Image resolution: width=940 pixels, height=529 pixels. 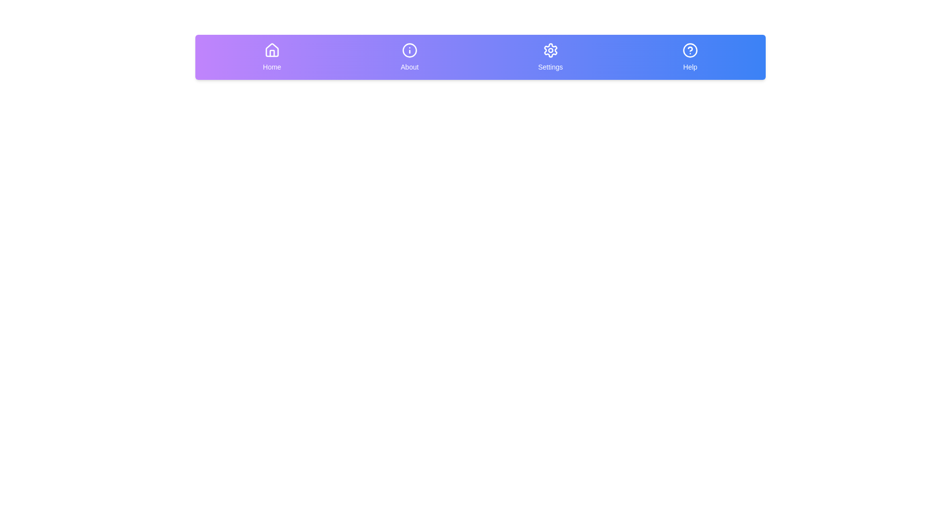 I want to click on the 'Help' button with a circled question mark icon located at the top-right corner of the navigation bar, so click(x=689, y=57).